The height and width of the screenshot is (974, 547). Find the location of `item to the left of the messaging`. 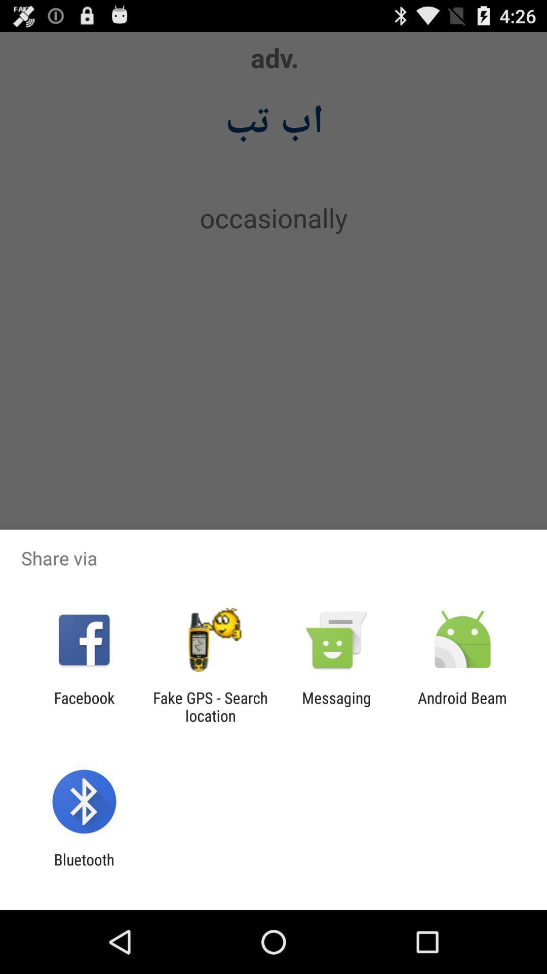

item to the left of the messaging is located at coordinates (210, 706).